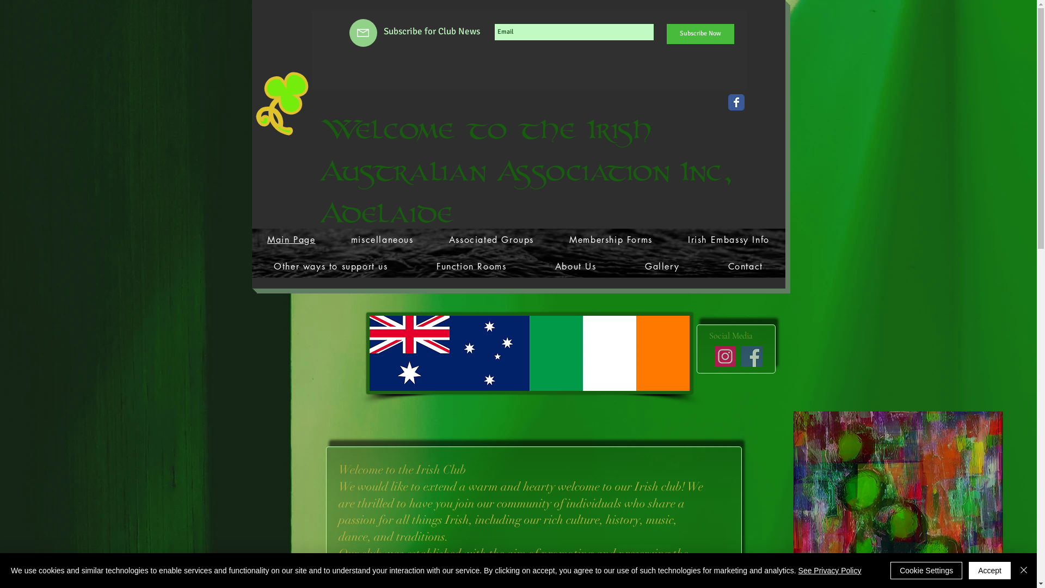  Describe the element at coordinates (745, 266) in the screenshot. I see `'Contact'` at that location.